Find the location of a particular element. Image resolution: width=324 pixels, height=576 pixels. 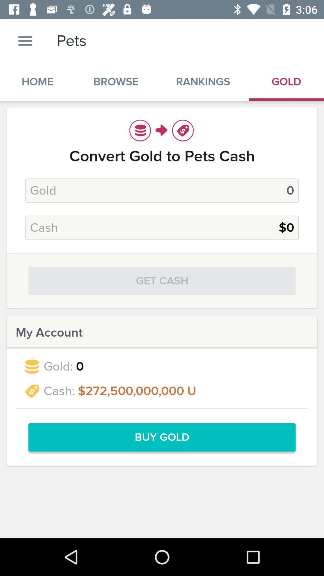

the buy gold icon is located at coordinates (162, 437).